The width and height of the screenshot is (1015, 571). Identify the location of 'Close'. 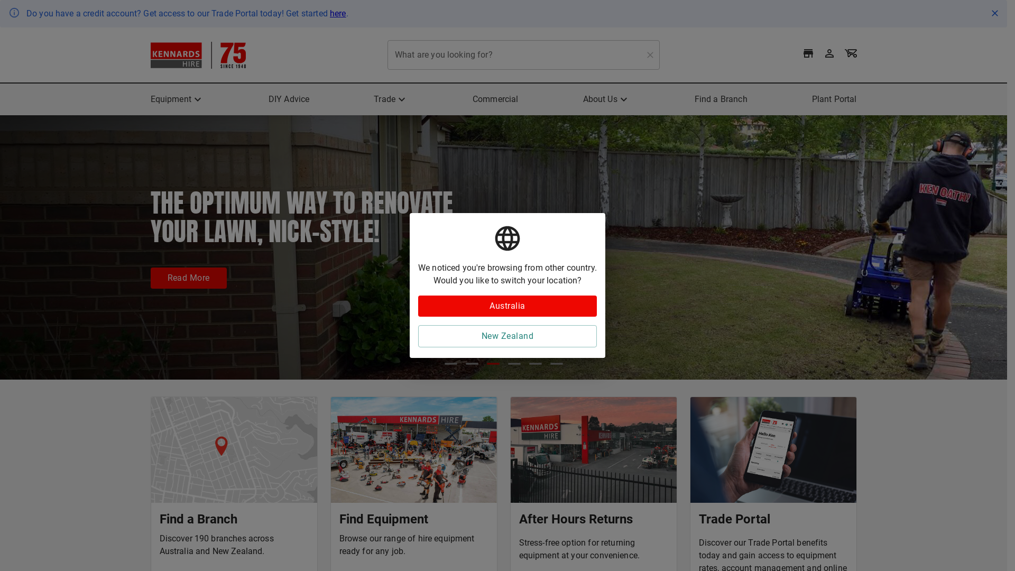
(994, 13).